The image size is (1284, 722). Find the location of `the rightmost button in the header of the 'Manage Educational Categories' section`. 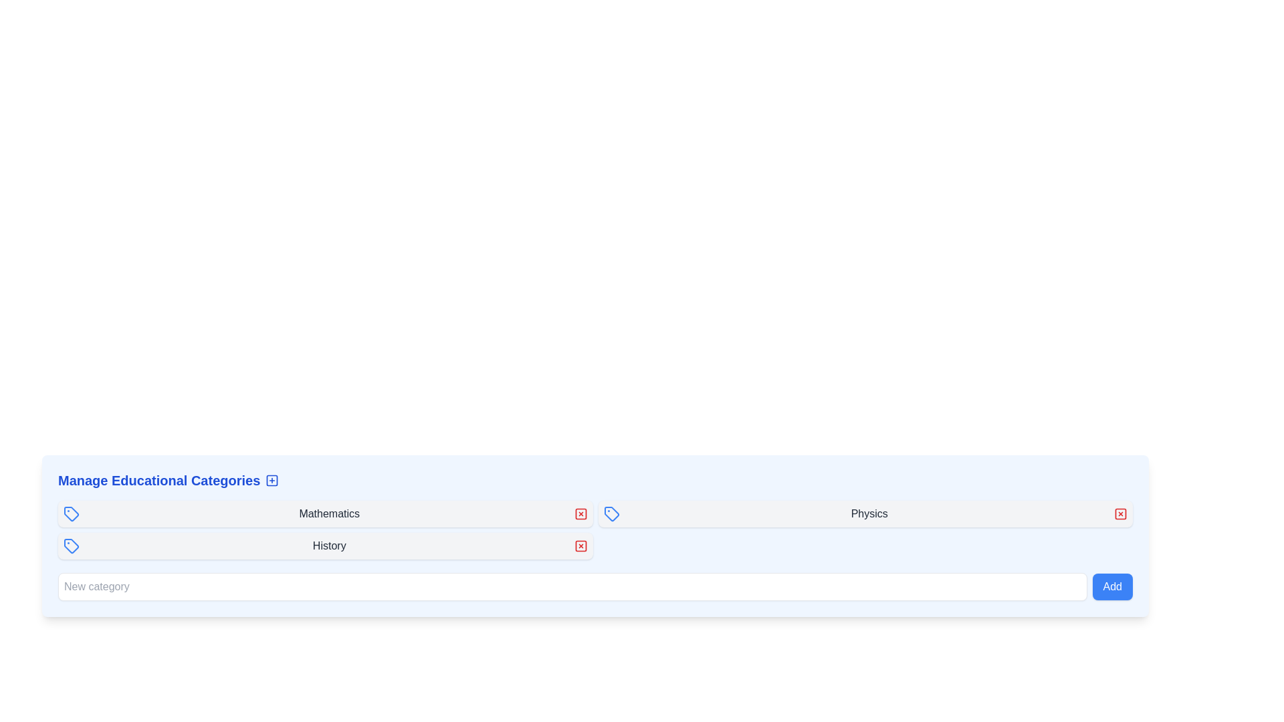

the rightmost button in the header of the 'Manage Educational Categories' section is located at coordinates (272, 479).